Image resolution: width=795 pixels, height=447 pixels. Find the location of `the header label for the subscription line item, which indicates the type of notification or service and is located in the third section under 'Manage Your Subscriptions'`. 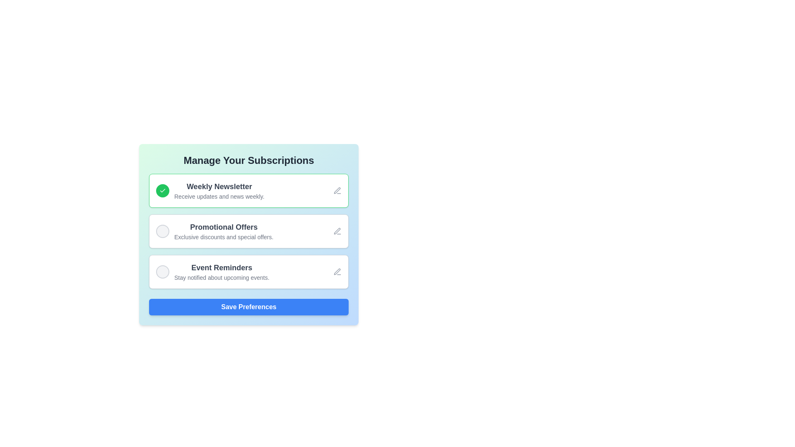

the header label for the subscription line item, which indicates the type of notification or service and is located in the third section under 'Manage Your Subscriptions' is located at coordinates (222, 268).